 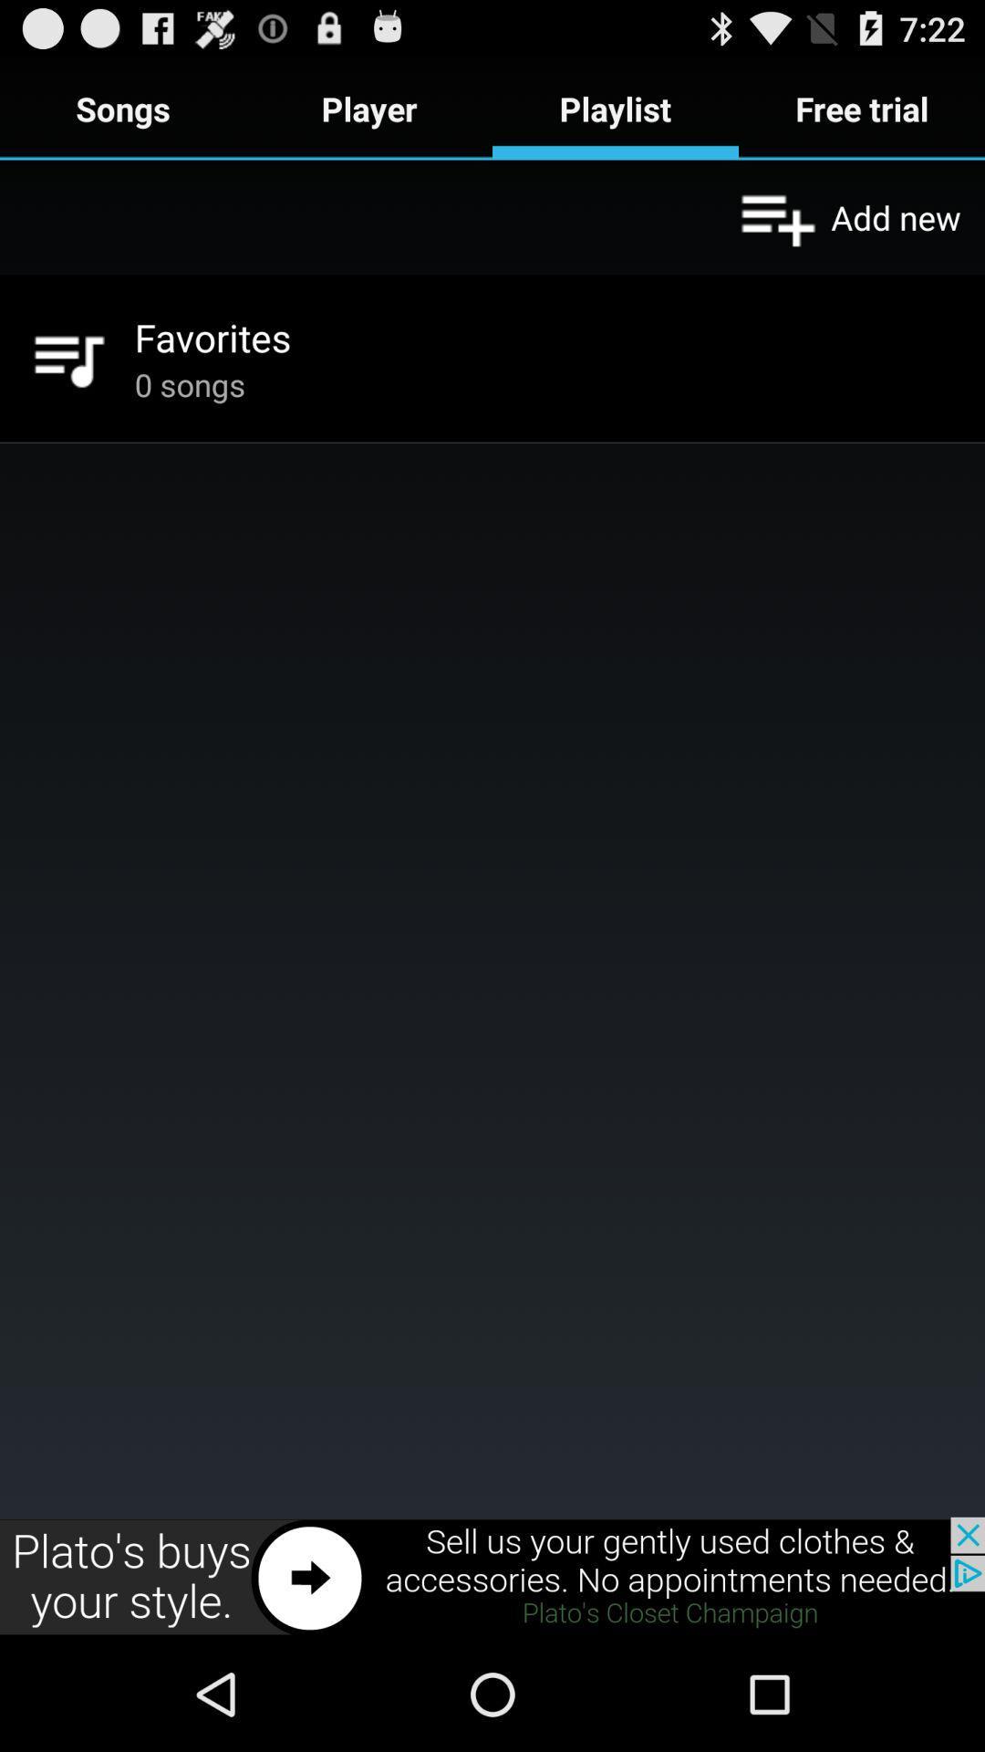 I want to click on click the advertisement, so click(x=493, y=1576).